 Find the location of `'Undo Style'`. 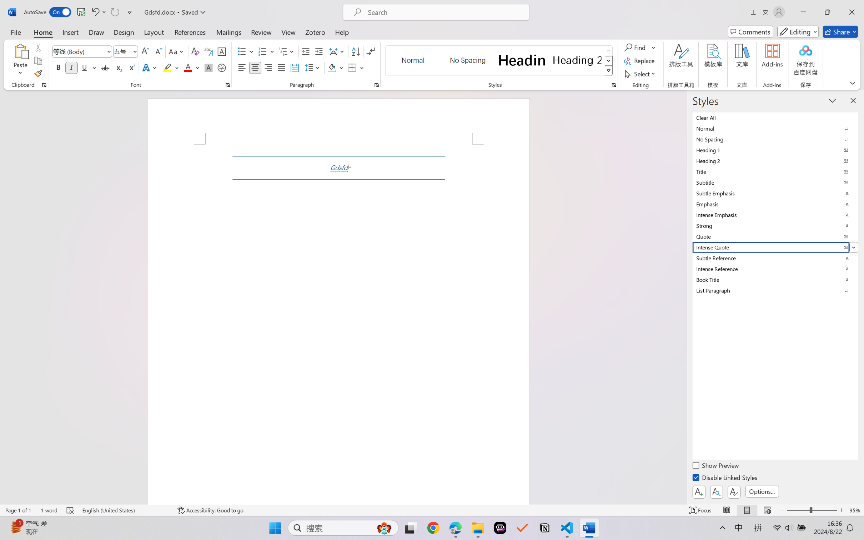

'Undo Style' is located at coordinates (98, 12).